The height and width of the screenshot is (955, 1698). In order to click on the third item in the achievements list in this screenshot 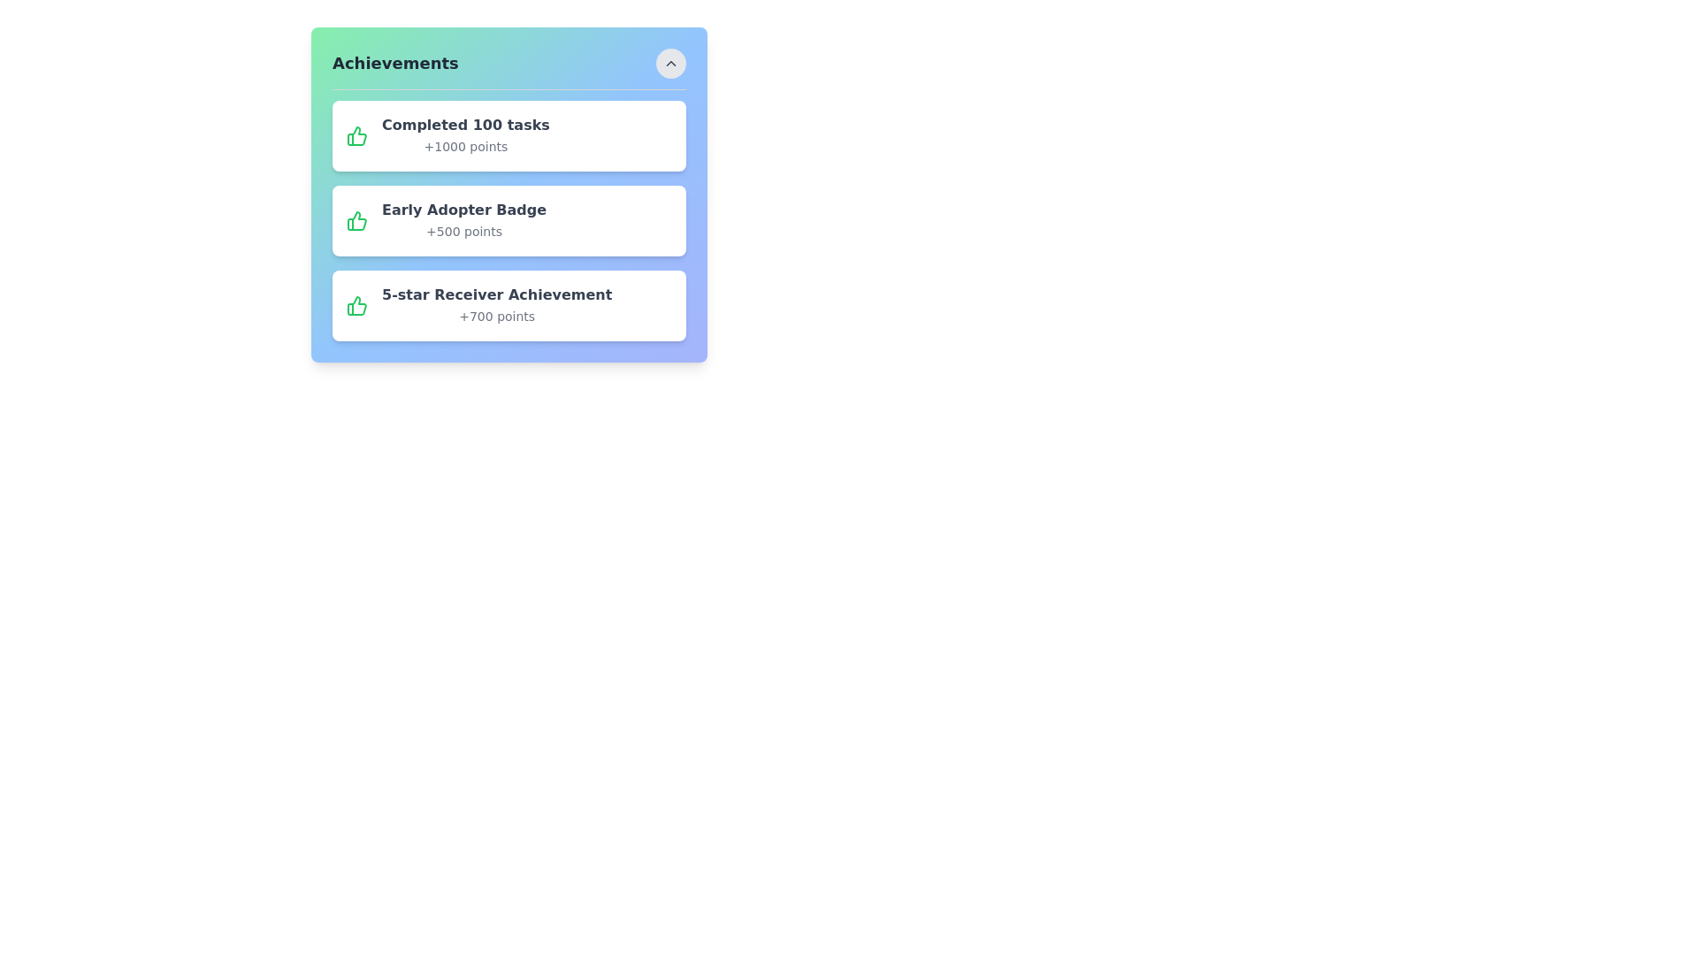, I will do `click(509, 305)`.